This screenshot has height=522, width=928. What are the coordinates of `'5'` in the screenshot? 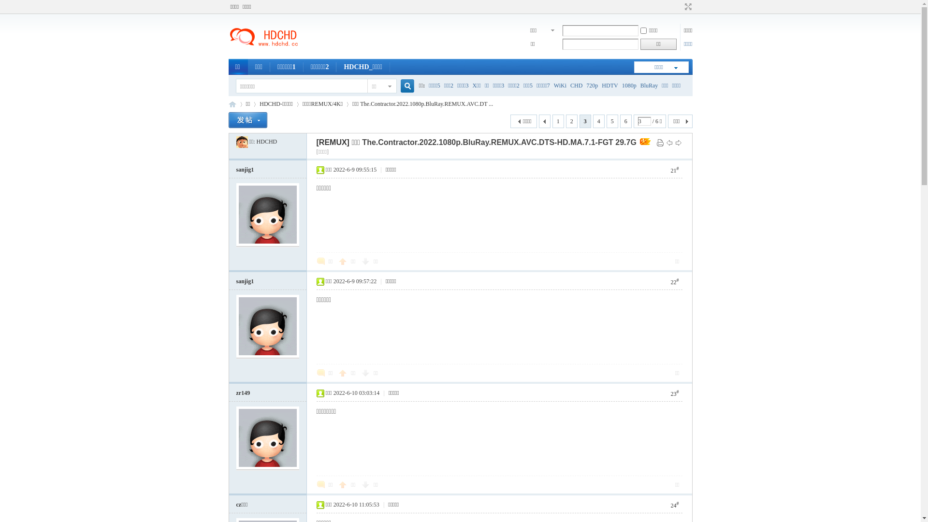 It's located at (612, 120).